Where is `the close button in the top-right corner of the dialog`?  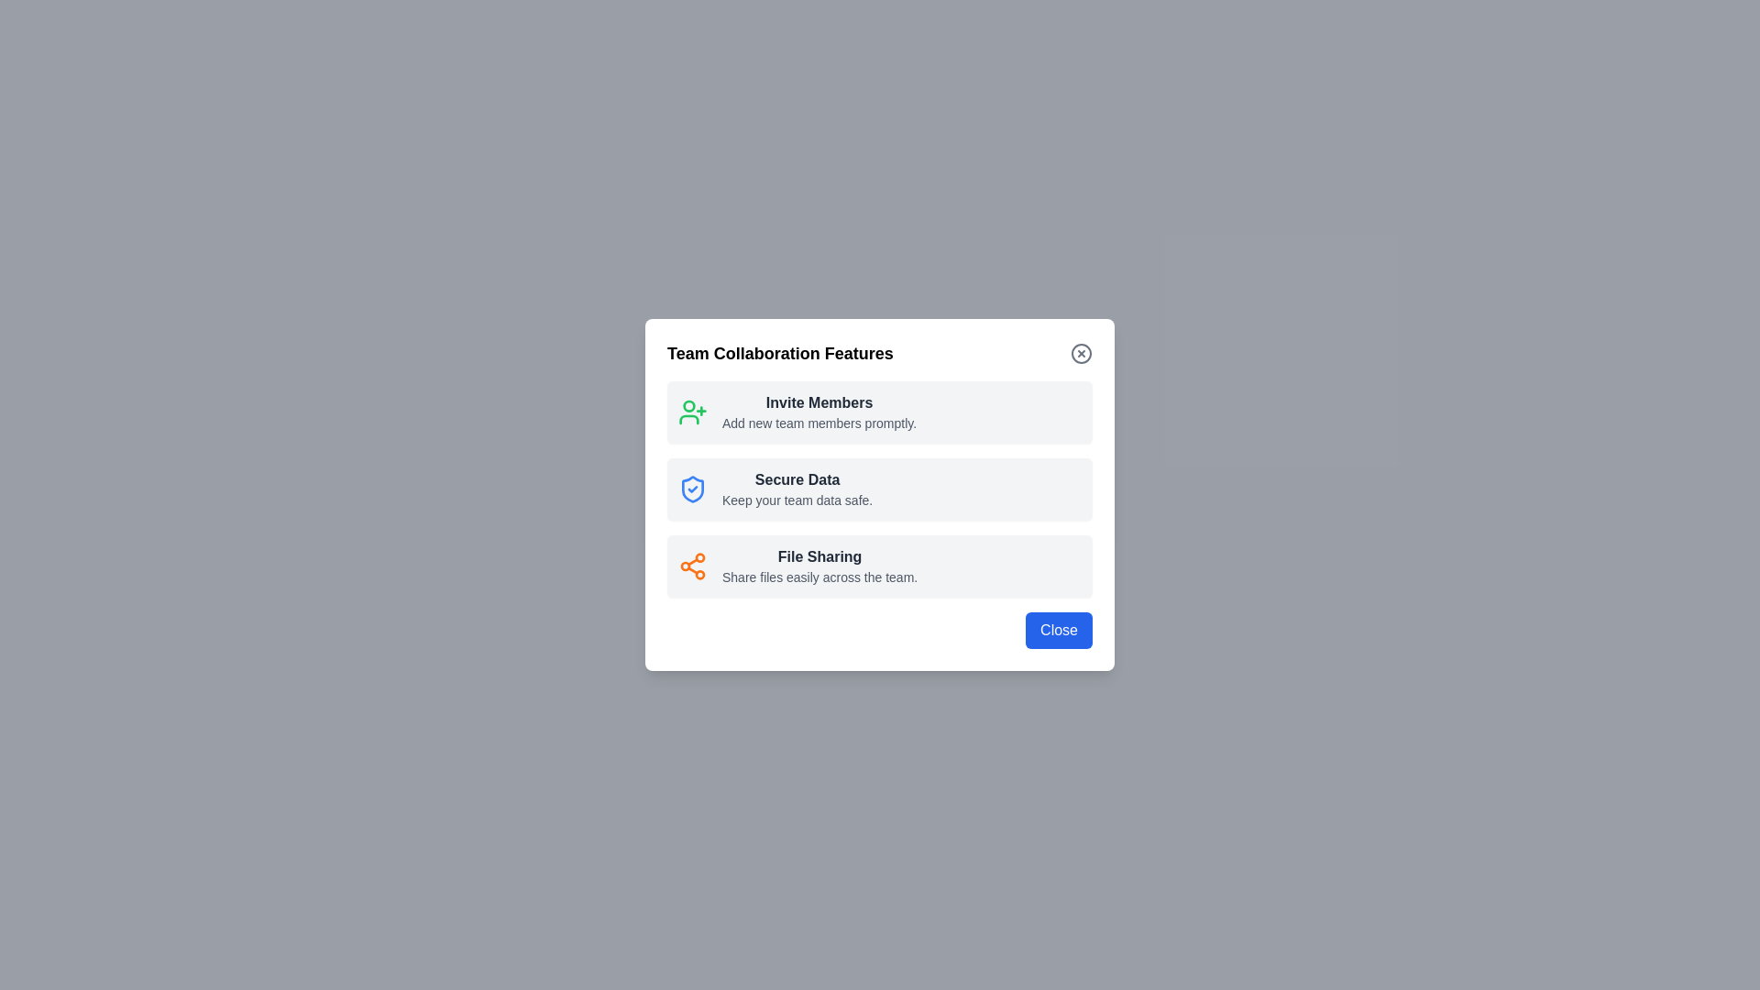 the close button in the top-right corner of the dialog is located at coordinates (1082, 353).